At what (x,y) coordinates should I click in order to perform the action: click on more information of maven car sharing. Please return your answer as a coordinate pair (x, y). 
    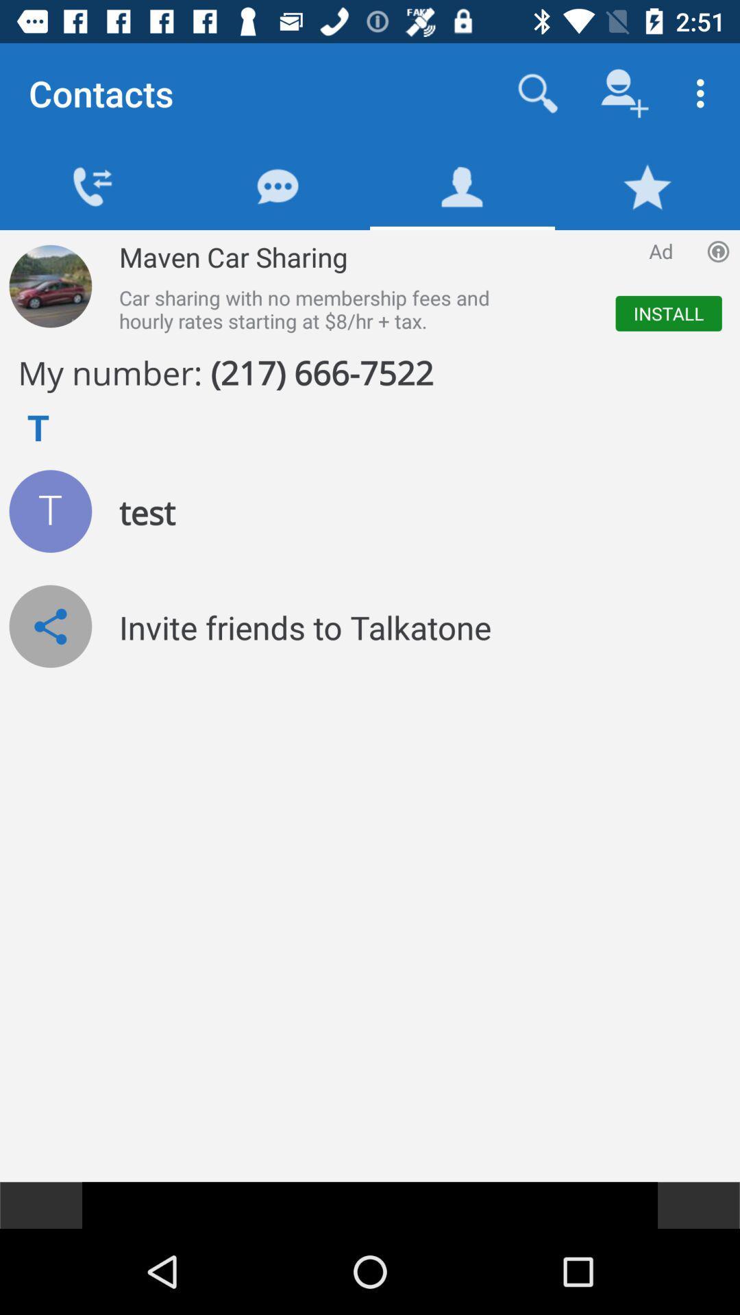
    Looking at the image, I should click on (49, 286).